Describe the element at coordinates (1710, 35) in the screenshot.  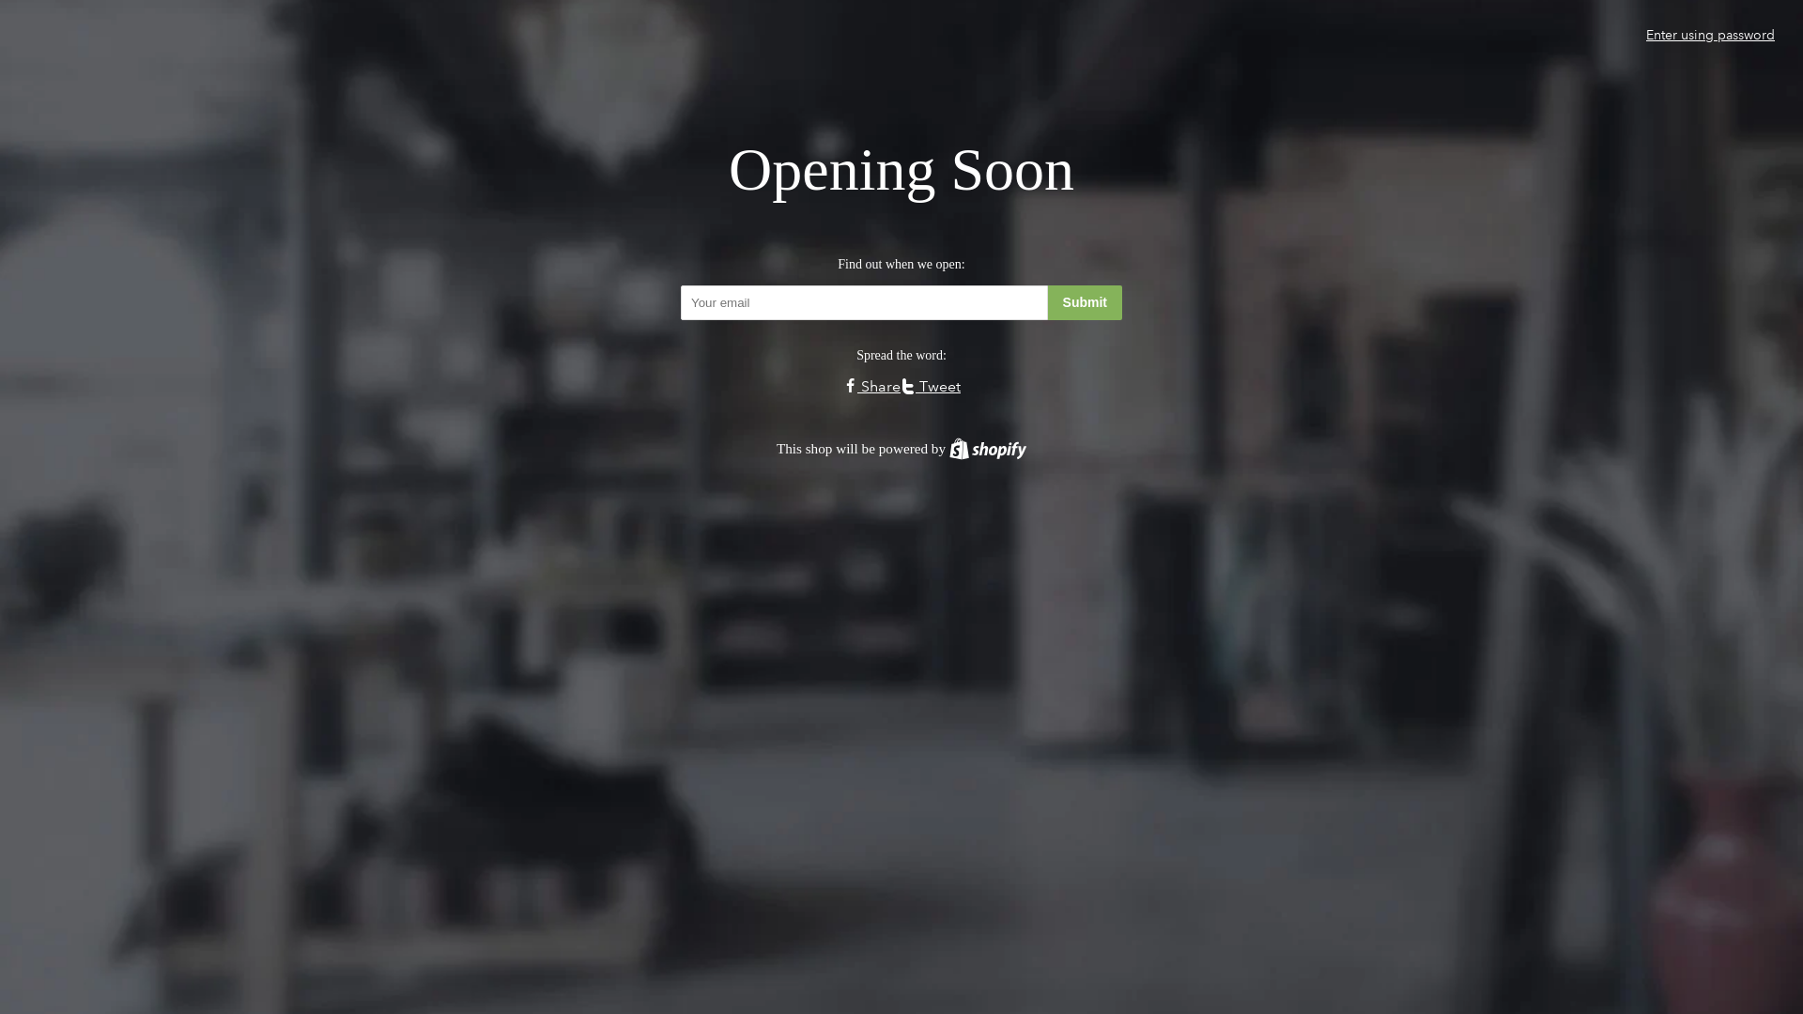
I see `'Enter using password'` at that location.